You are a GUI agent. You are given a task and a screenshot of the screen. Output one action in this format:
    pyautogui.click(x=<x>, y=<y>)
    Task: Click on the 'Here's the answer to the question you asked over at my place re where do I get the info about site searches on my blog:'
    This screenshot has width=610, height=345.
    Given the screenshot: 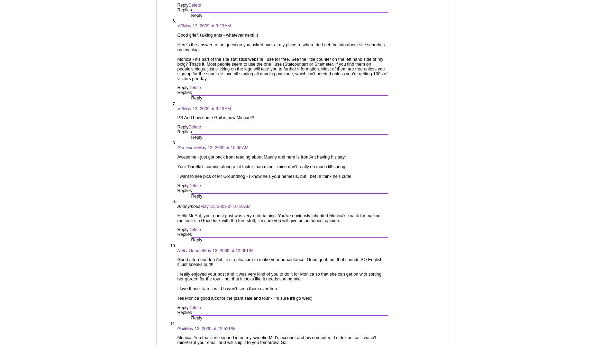 What is the action you would take?
    pyautogui.click(x=281, y=47)
    